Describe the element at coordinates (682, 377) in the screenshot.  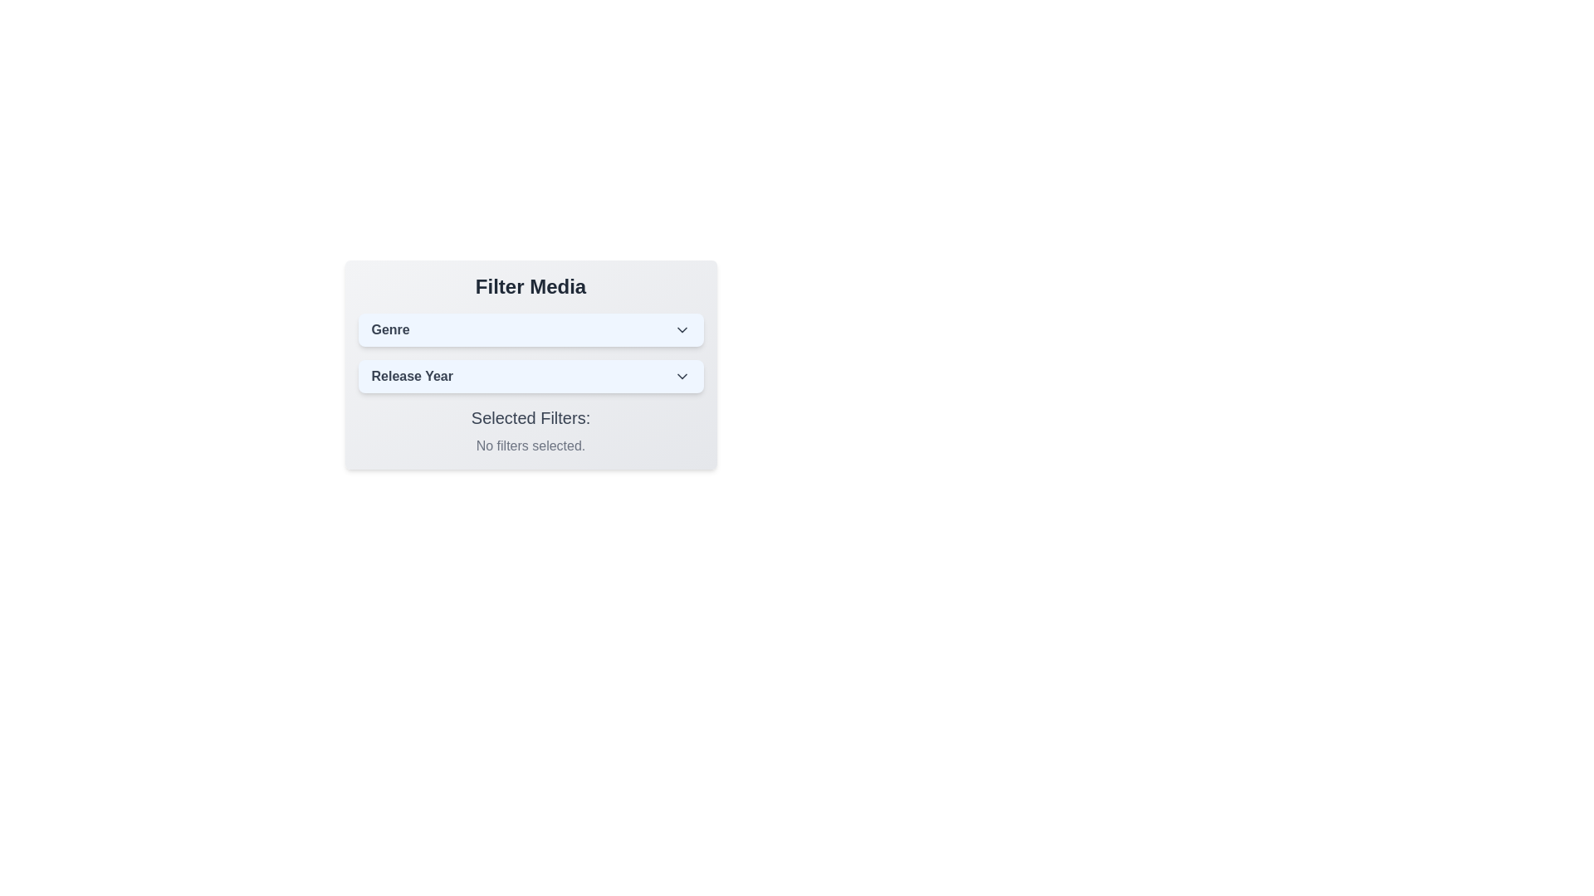
I see `the Dropdown indicator icon located at the far-right end of the 'Release Year' selection area` at that location.